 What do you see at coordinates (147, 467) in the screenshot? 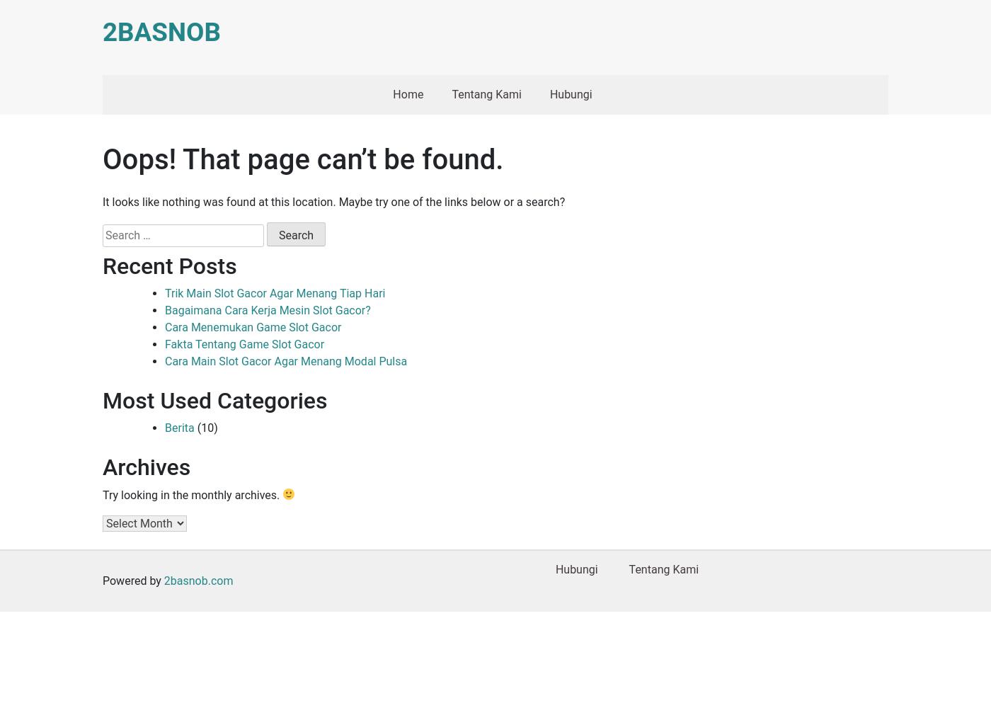
I see `'Archives'` at bounding box center [147, 467].